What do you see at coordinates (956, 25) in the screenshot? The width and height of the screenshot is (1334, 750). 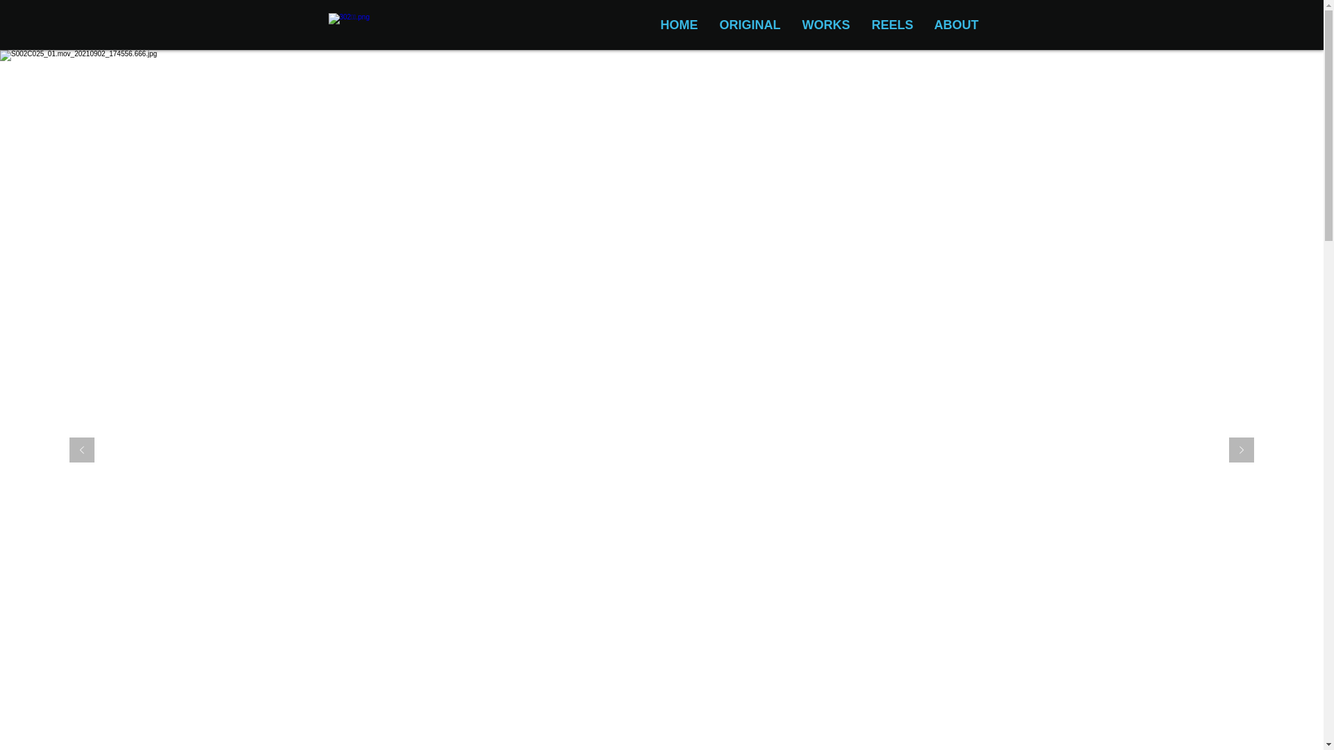 I see `'ABOUT'` at bounding box center [956, 25].